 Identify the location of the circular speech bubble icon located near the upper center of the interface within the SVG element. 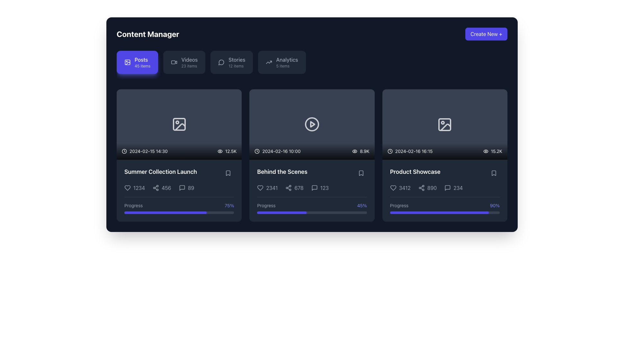
(221, 62).